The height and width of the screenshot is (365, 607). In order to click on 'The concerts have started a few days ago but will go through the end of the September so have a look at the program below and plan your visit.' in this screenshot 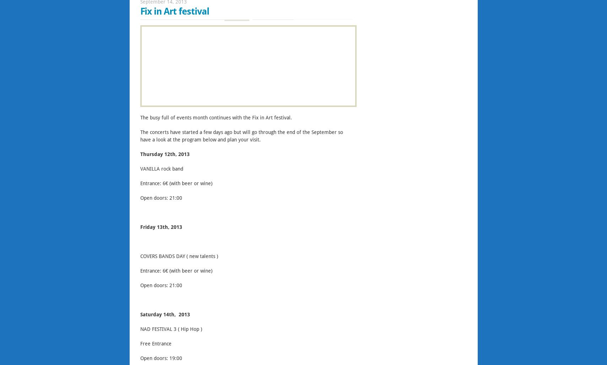, I will do `click(139, 136)`.